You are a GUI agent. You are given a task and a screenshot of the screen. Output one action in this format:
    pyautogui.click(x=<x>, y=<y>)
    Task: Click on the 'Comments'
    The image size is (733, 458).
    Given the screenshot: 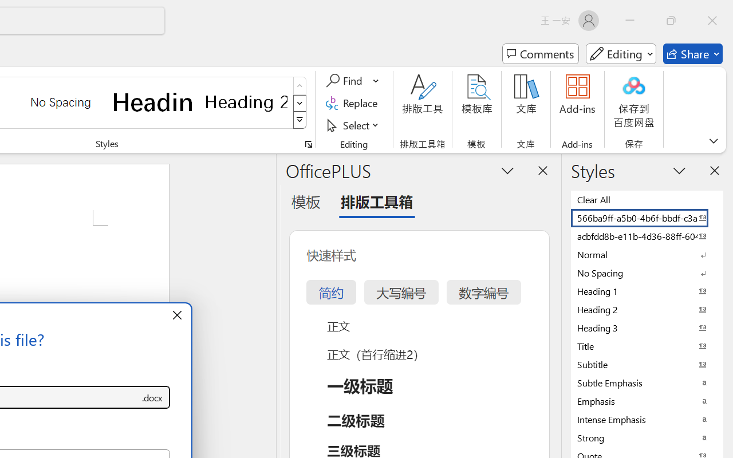 What is the action you would take?
    pyautogui.click(x=540, y=54)
    